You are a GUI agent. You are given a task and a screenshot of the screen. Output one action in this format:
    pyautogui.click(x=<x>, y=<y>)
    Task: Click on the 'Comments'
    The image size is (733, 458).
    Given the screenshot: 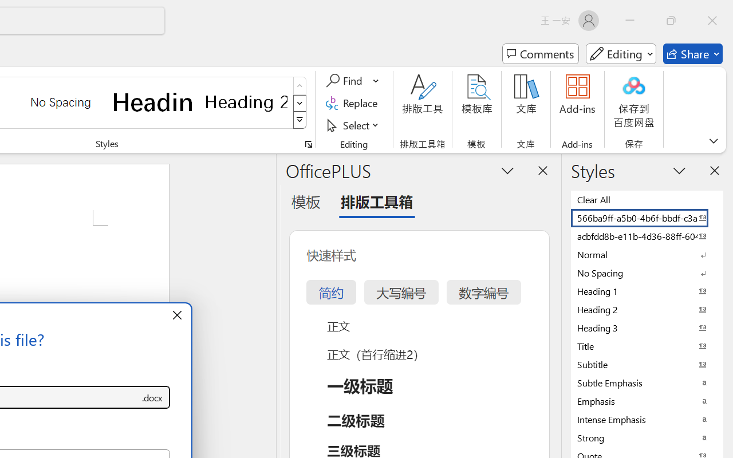 What is the action you would take?
    pyautogui.click(x=540, y=54)
    